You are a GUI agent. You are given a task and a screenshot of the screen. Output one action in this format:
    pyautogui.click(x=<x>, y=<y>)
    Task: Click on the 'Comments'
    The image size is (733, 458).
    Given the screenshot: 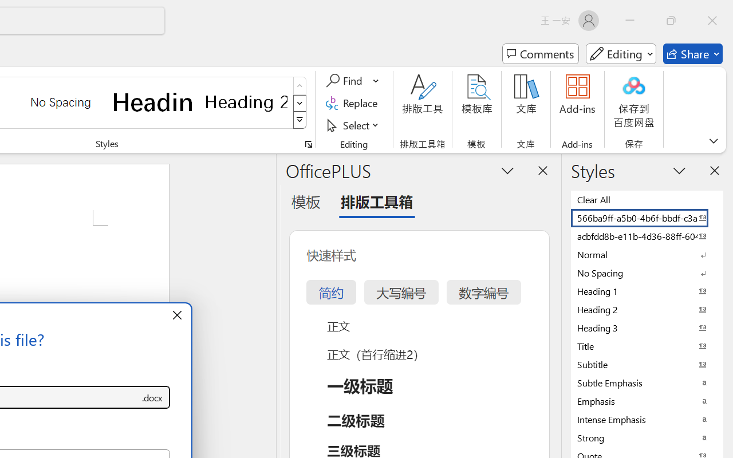 What is the action you would take?
    pyautogui.click(x=540, y=54)
    